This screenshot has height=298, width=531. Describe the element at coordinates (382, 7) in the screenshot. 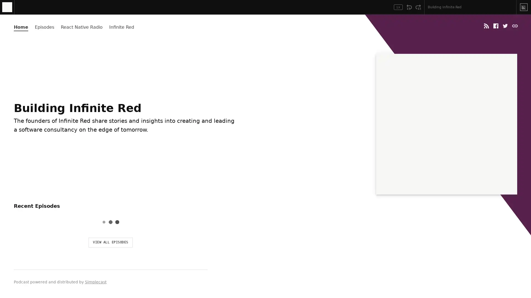

I see `Open Player Settings` at that location.